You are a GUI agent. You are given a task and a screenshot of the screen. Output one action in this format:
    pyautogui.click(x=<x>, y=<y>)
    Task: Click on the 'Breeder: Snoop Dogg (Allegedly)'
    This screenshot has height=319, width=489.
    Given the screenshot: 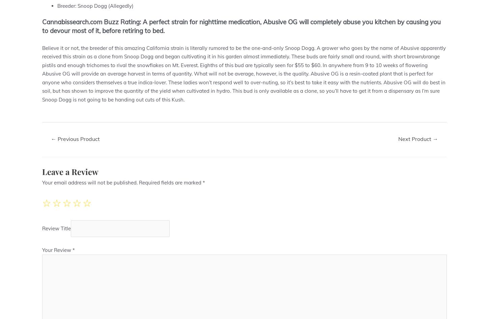 What is the action you would take?
    pyautogui.click(x=95, y=5)
    